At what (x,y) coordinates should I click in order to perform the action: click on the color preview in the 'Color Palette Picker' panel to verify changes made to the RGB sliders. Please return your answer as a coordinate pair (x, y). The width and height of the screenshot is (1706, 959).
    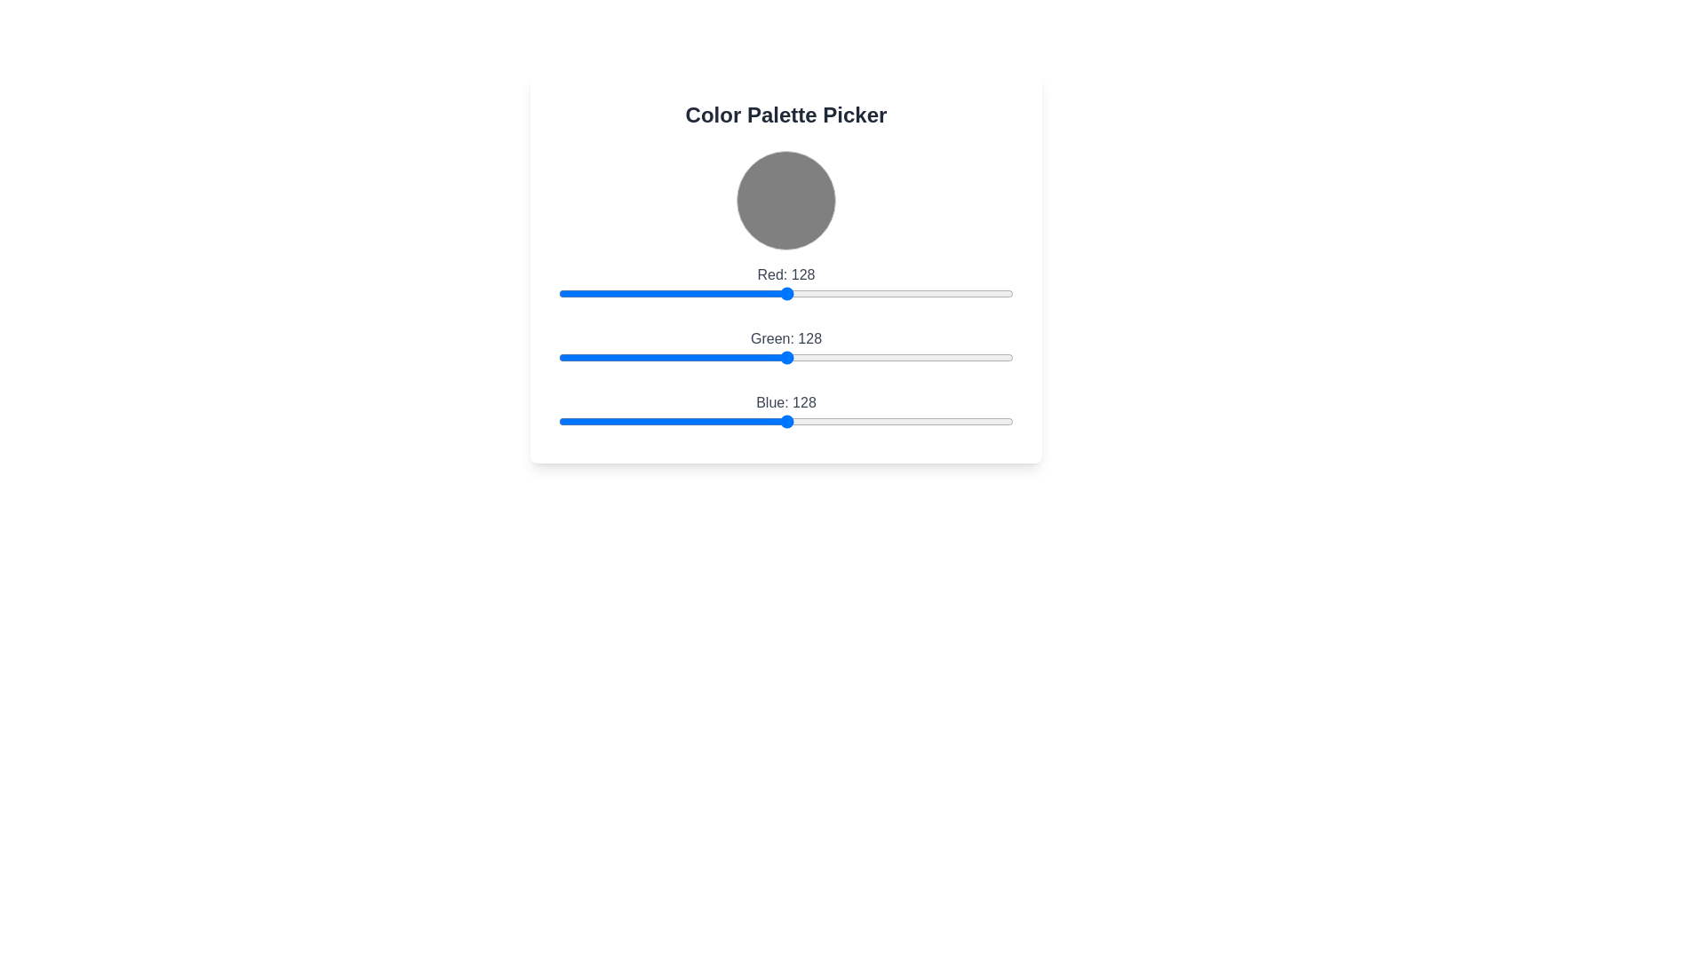
    Looking at the image, I should click on (785, 267).